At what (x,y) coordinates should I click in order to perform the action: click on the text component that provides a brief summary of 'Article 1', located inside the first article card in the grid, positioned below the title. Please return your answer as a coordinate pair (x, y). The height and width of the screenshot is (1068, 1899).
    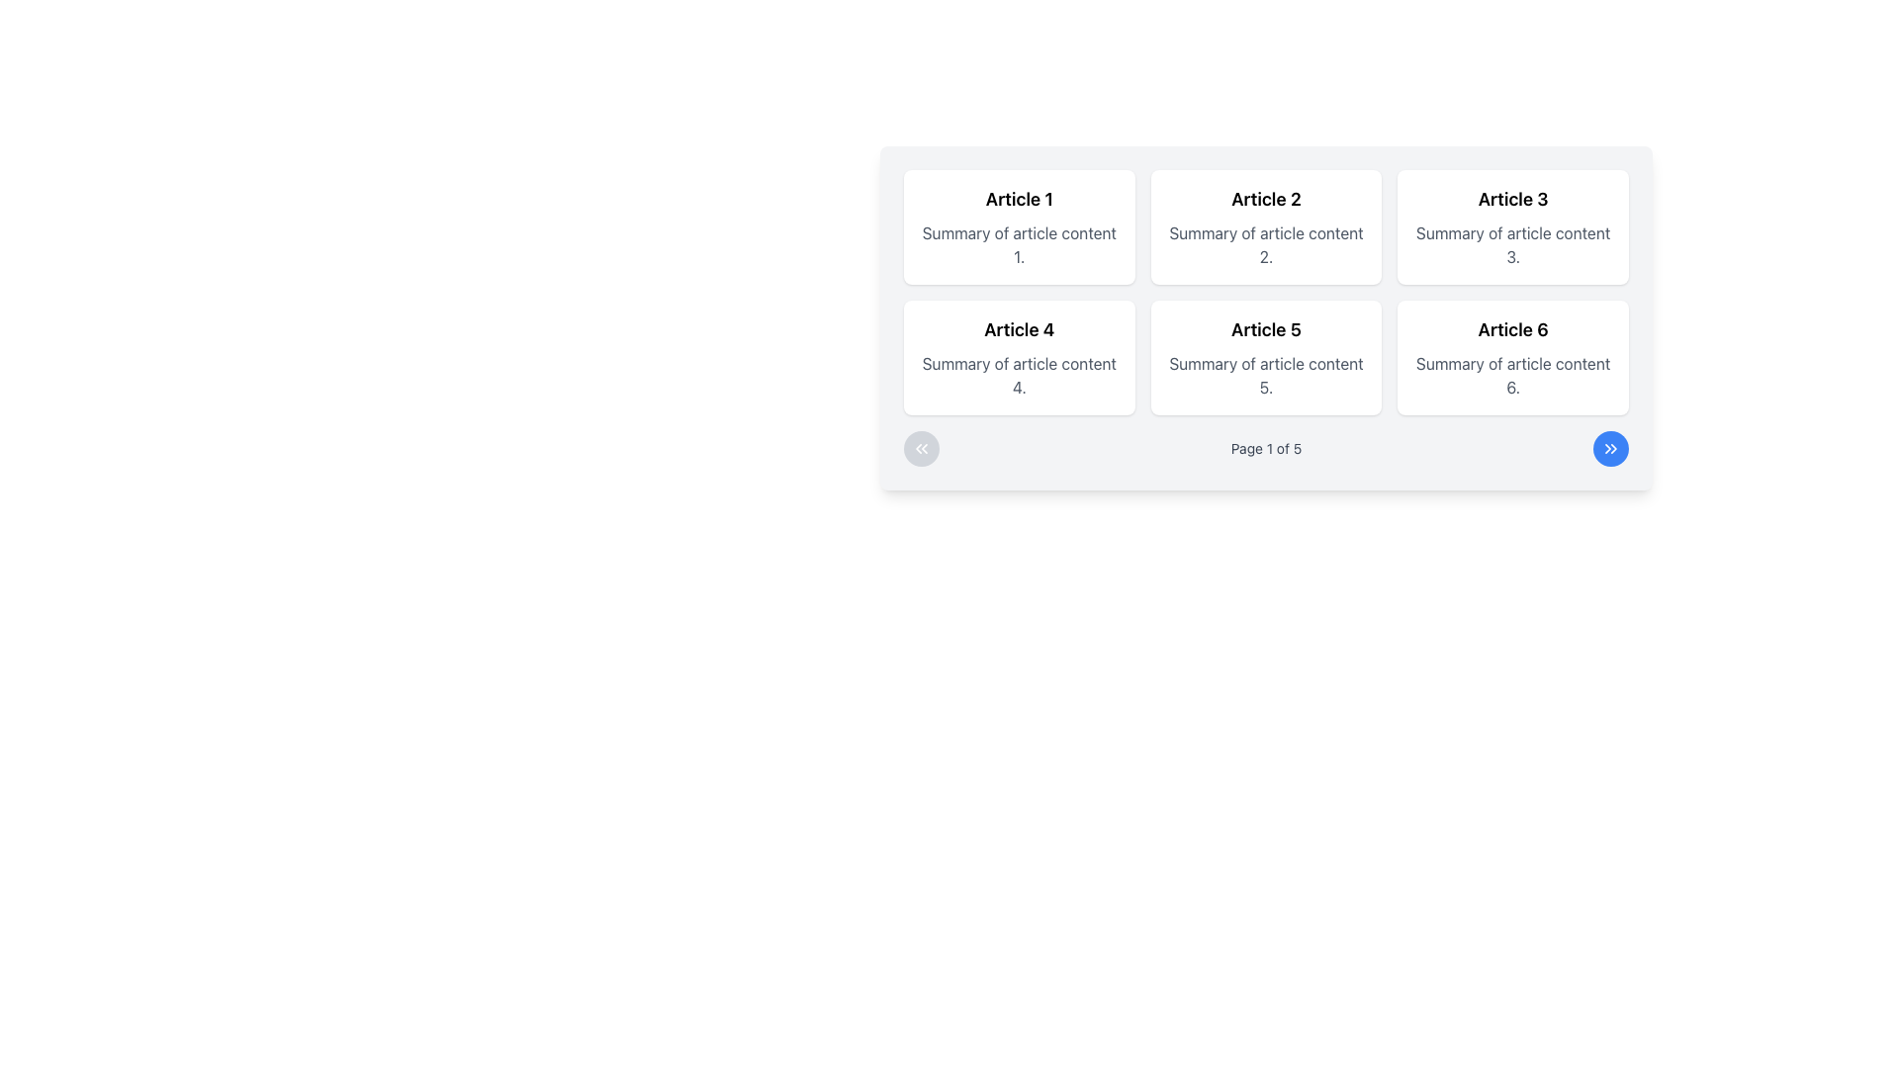
    Looking at the image, I should click on (1019, 243).